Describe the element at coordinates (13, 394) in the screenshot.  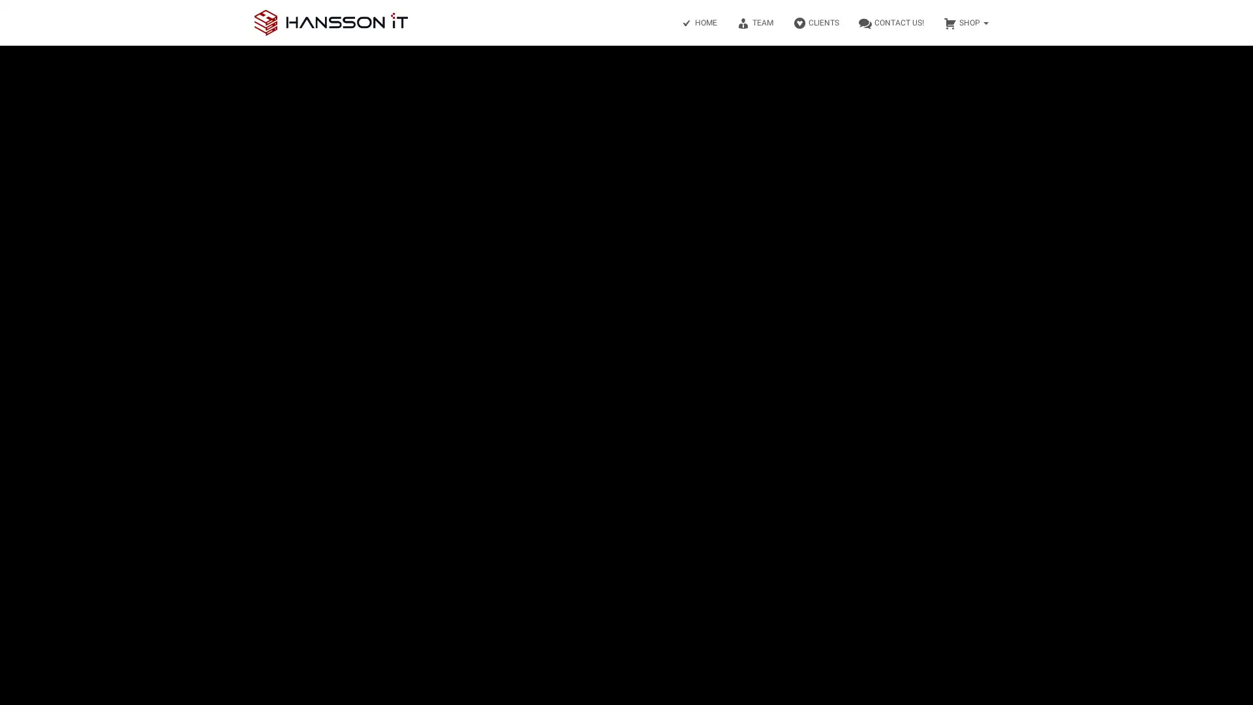
I see `Save to Pinterest` at that location.